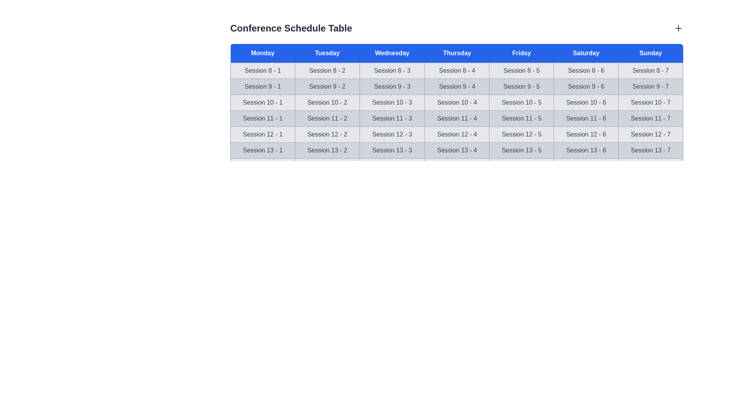  Describe the element at coordinates (327, 53) in the screenshot. I see `the header for Tuesday to sort or view details` at that location.